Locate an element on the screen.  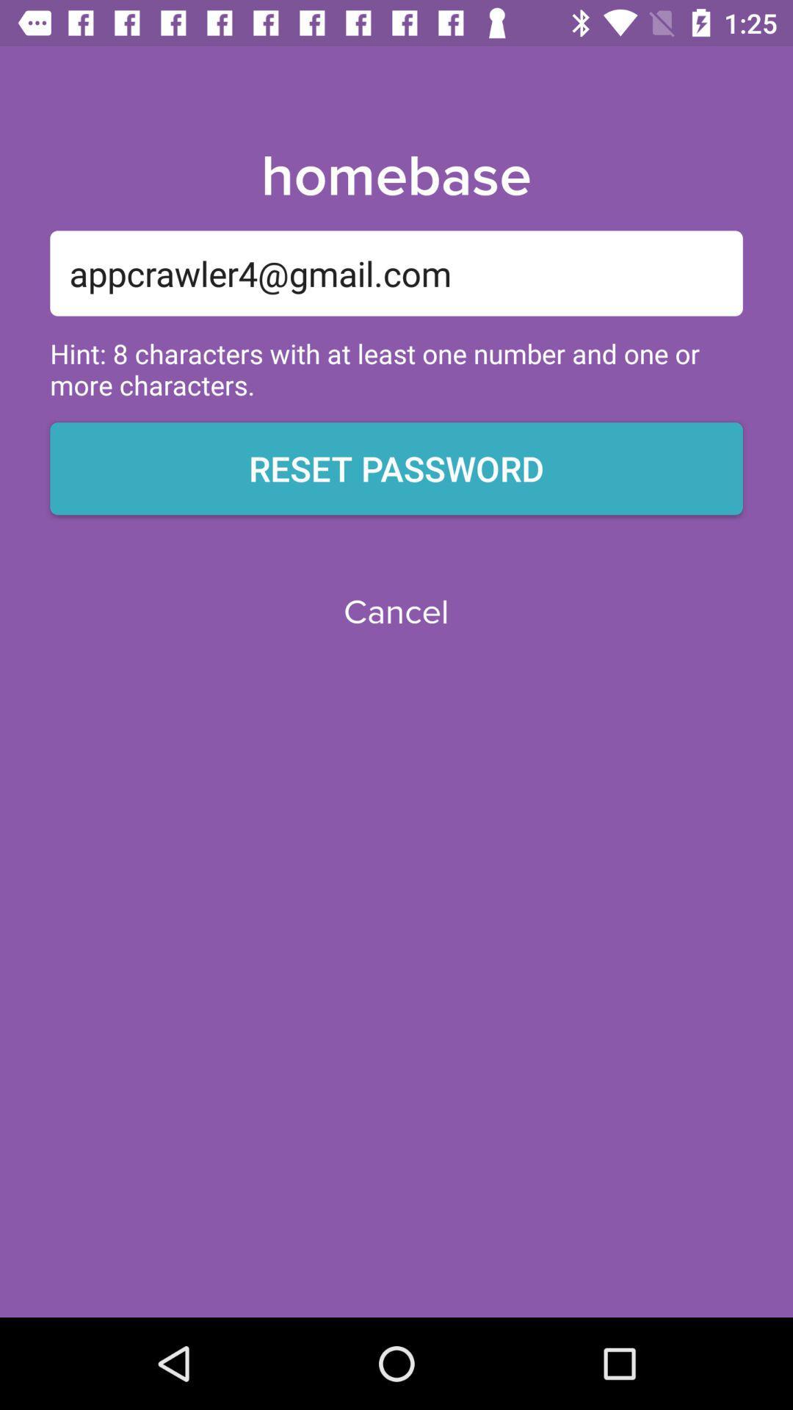
appcrawler4@gmail.com item is located at coordinates (396, 273).